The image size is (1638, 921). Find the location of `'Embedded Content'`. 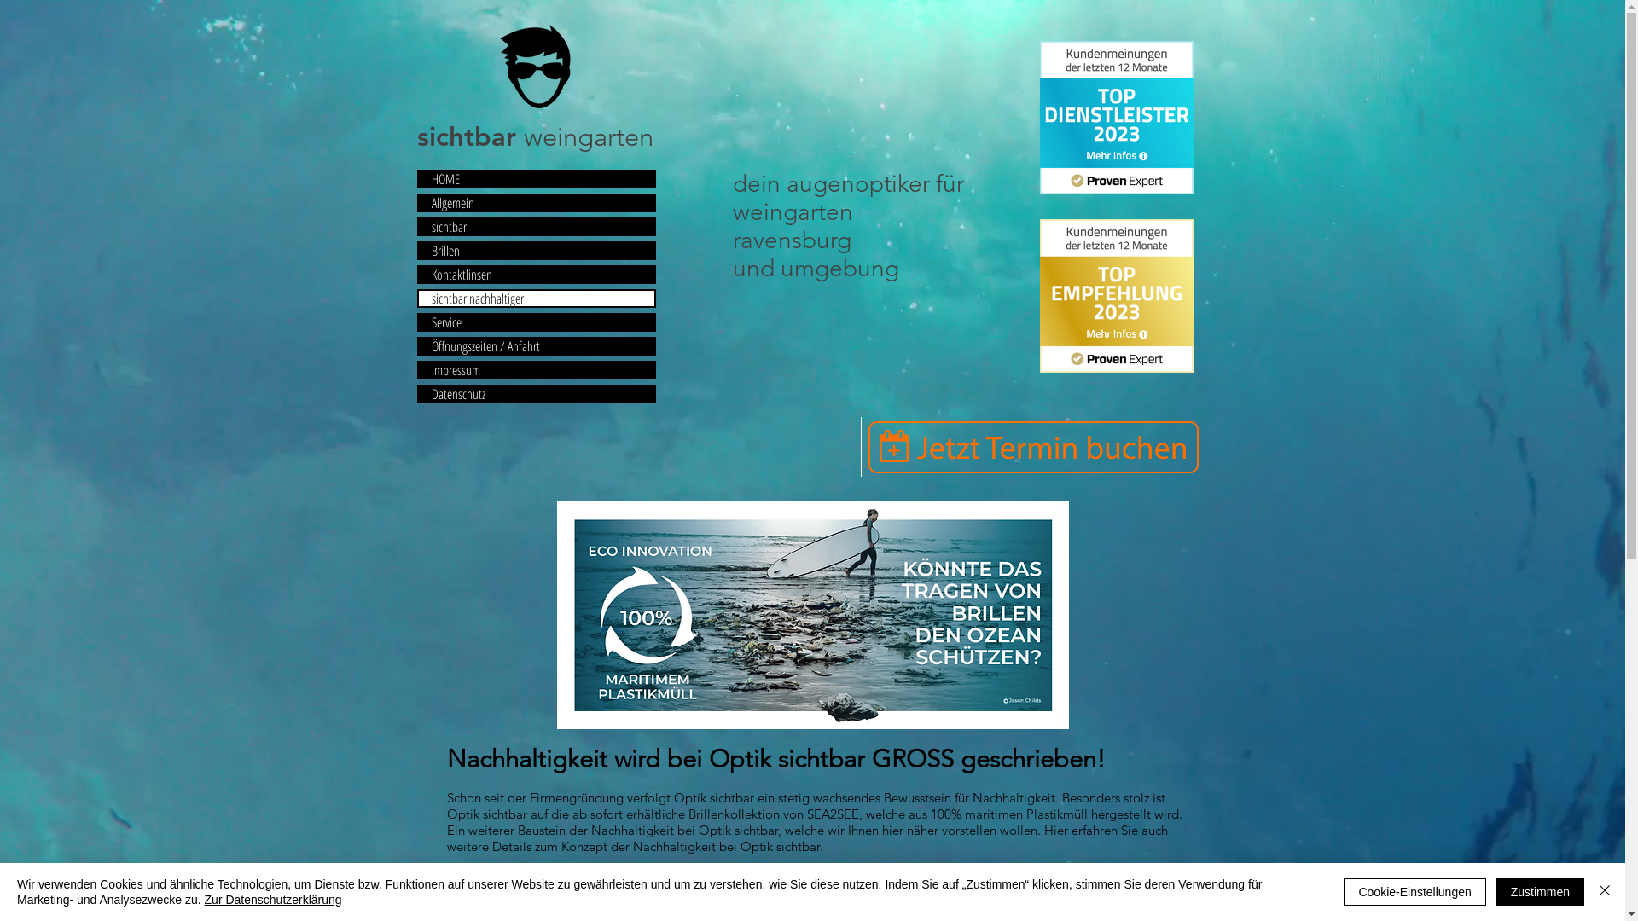

'Embedded Content' is located at coordinates (1117, 117).